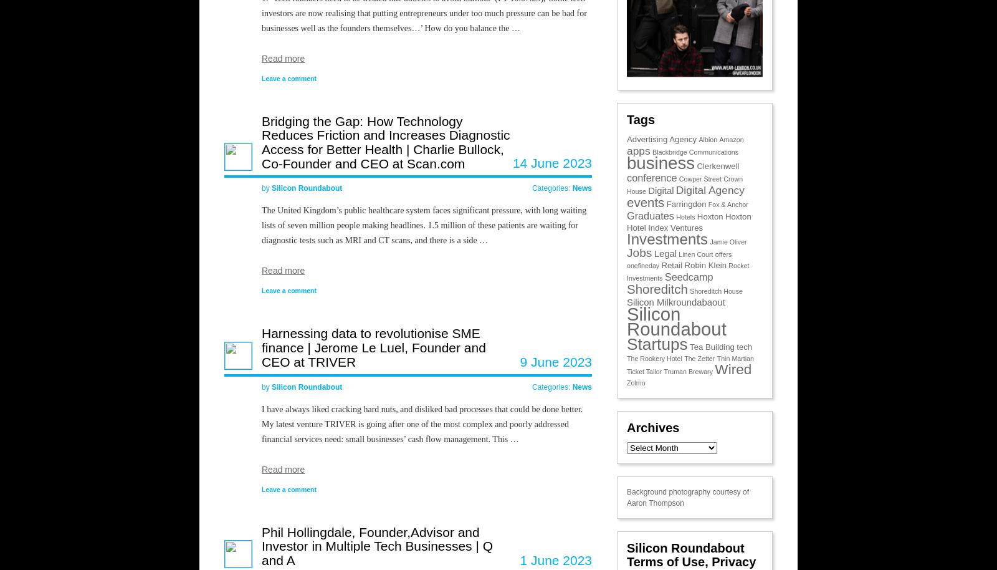 The width and height of the screenshot is (997, 570). What do you see at coordinates (688, 270) in the screenshot?
I see `'Rocket Investments'` at bounding box center [688, 270].